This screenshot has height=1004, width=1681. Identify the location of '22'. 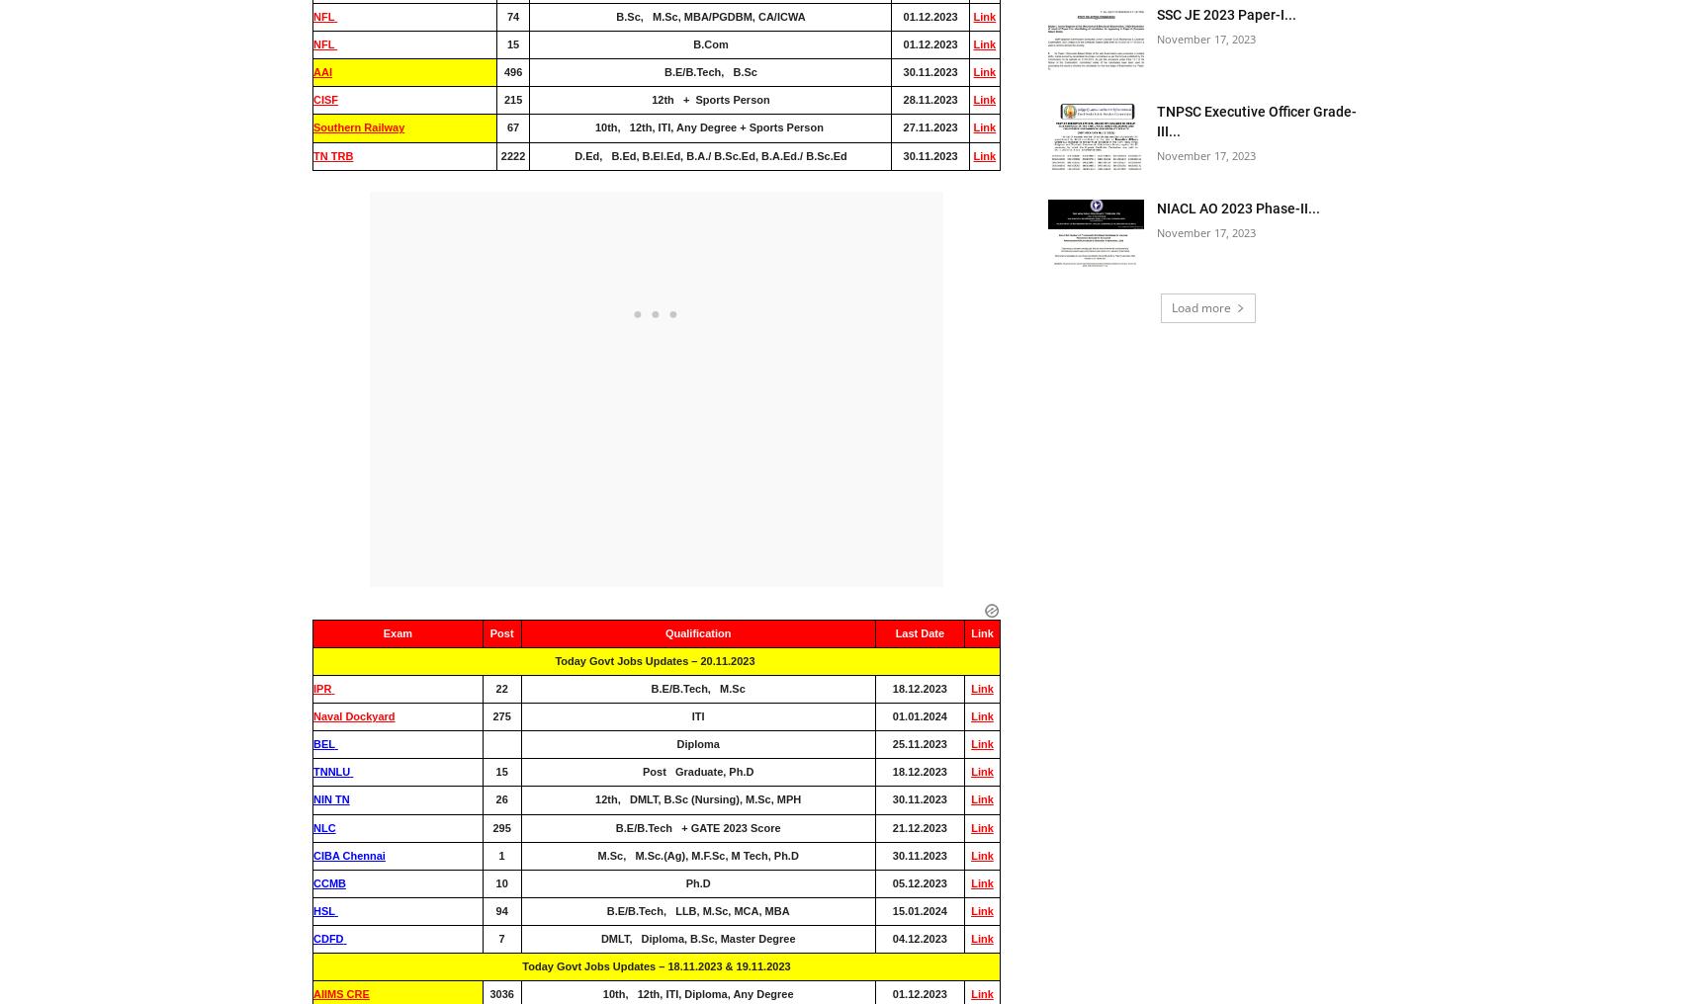
(500, 686).